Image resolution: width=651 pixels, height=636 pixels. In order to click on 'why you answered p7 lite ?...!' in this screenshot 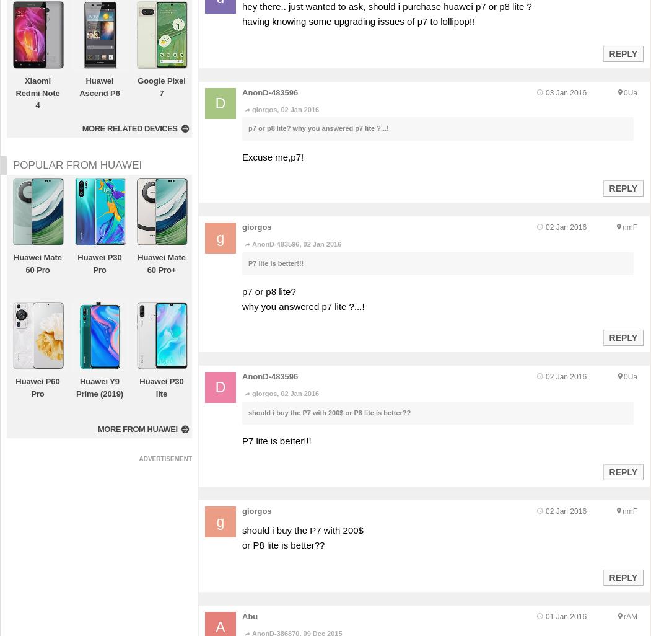, I will do `click(303, 306)`.